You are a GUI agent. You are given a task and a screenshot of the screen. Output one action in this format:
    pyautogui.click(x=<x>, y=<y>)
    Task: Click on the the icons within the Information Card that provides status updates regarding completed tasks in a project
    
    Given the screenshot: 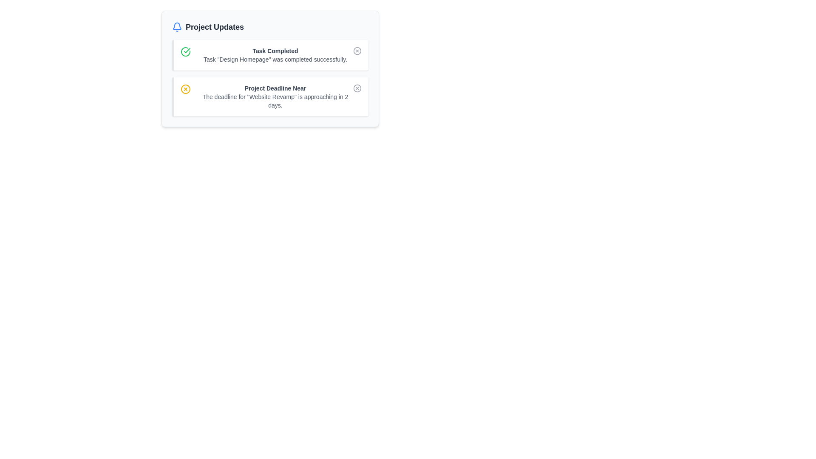 What is the action you would take?
    pyautogui.click(x=269, y=68)
    